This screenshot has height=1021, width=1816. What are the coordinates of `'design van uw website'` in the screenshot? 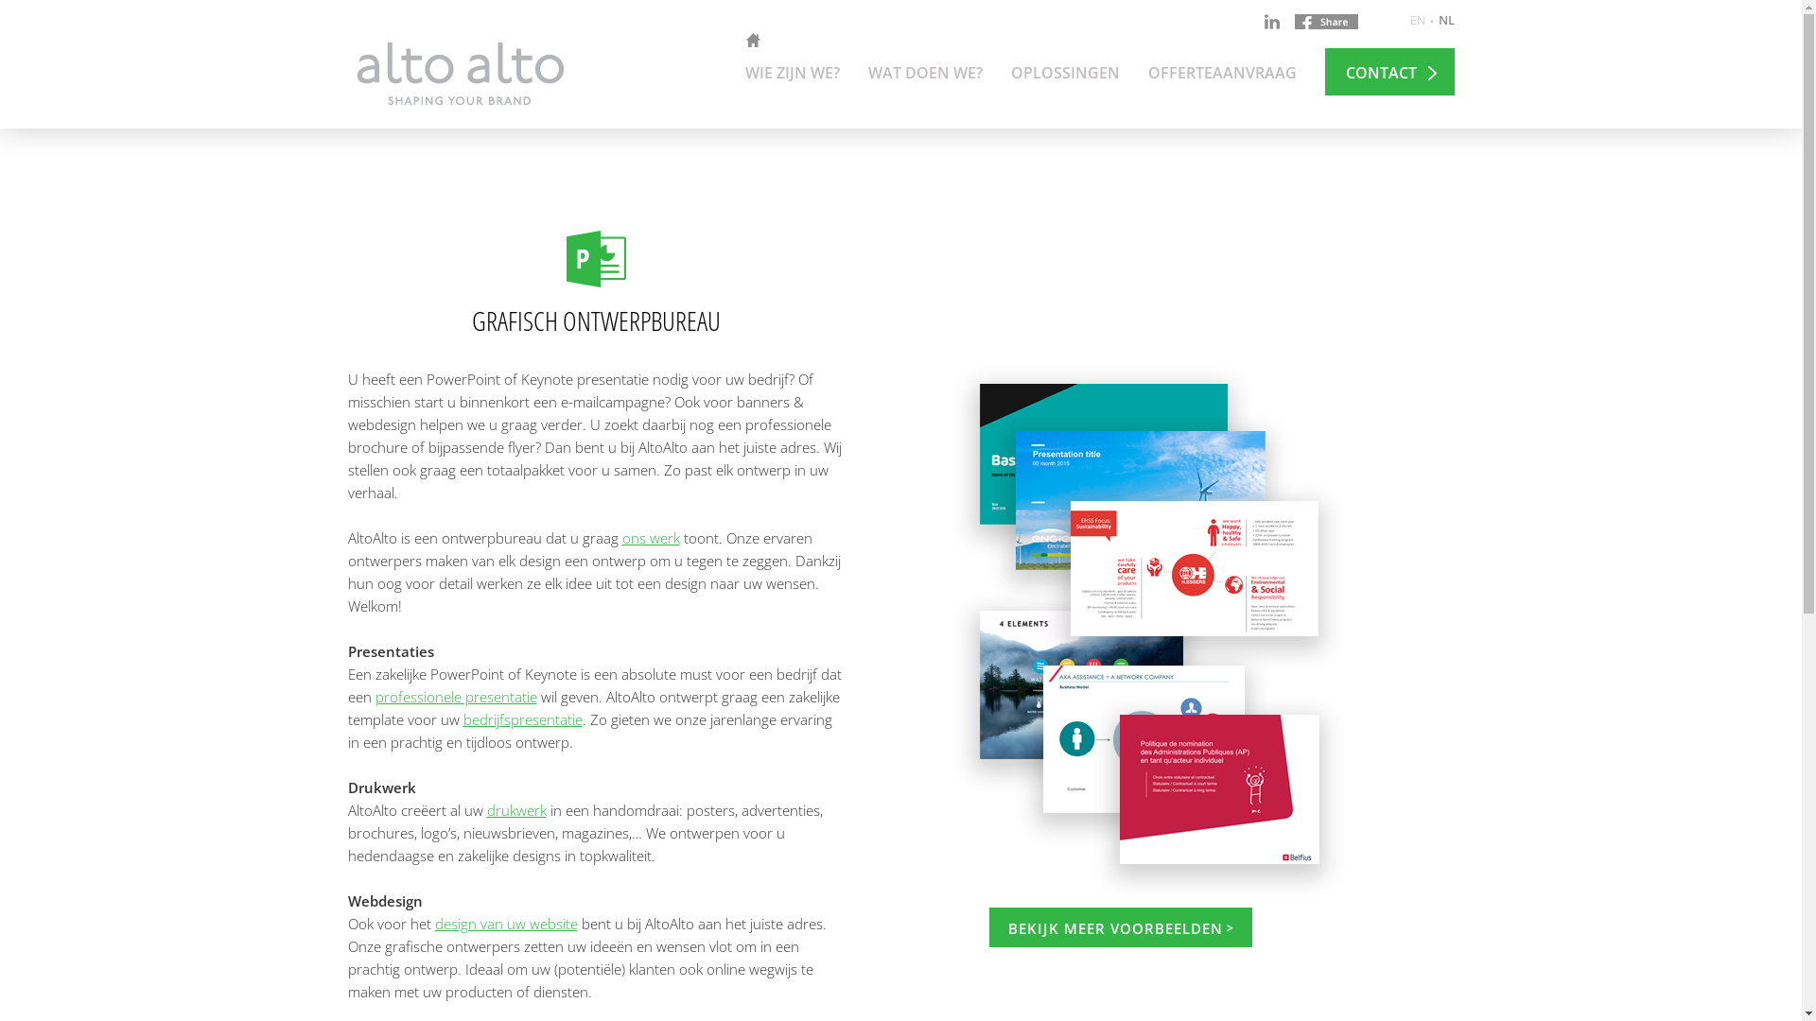 It's located at (506, 922).